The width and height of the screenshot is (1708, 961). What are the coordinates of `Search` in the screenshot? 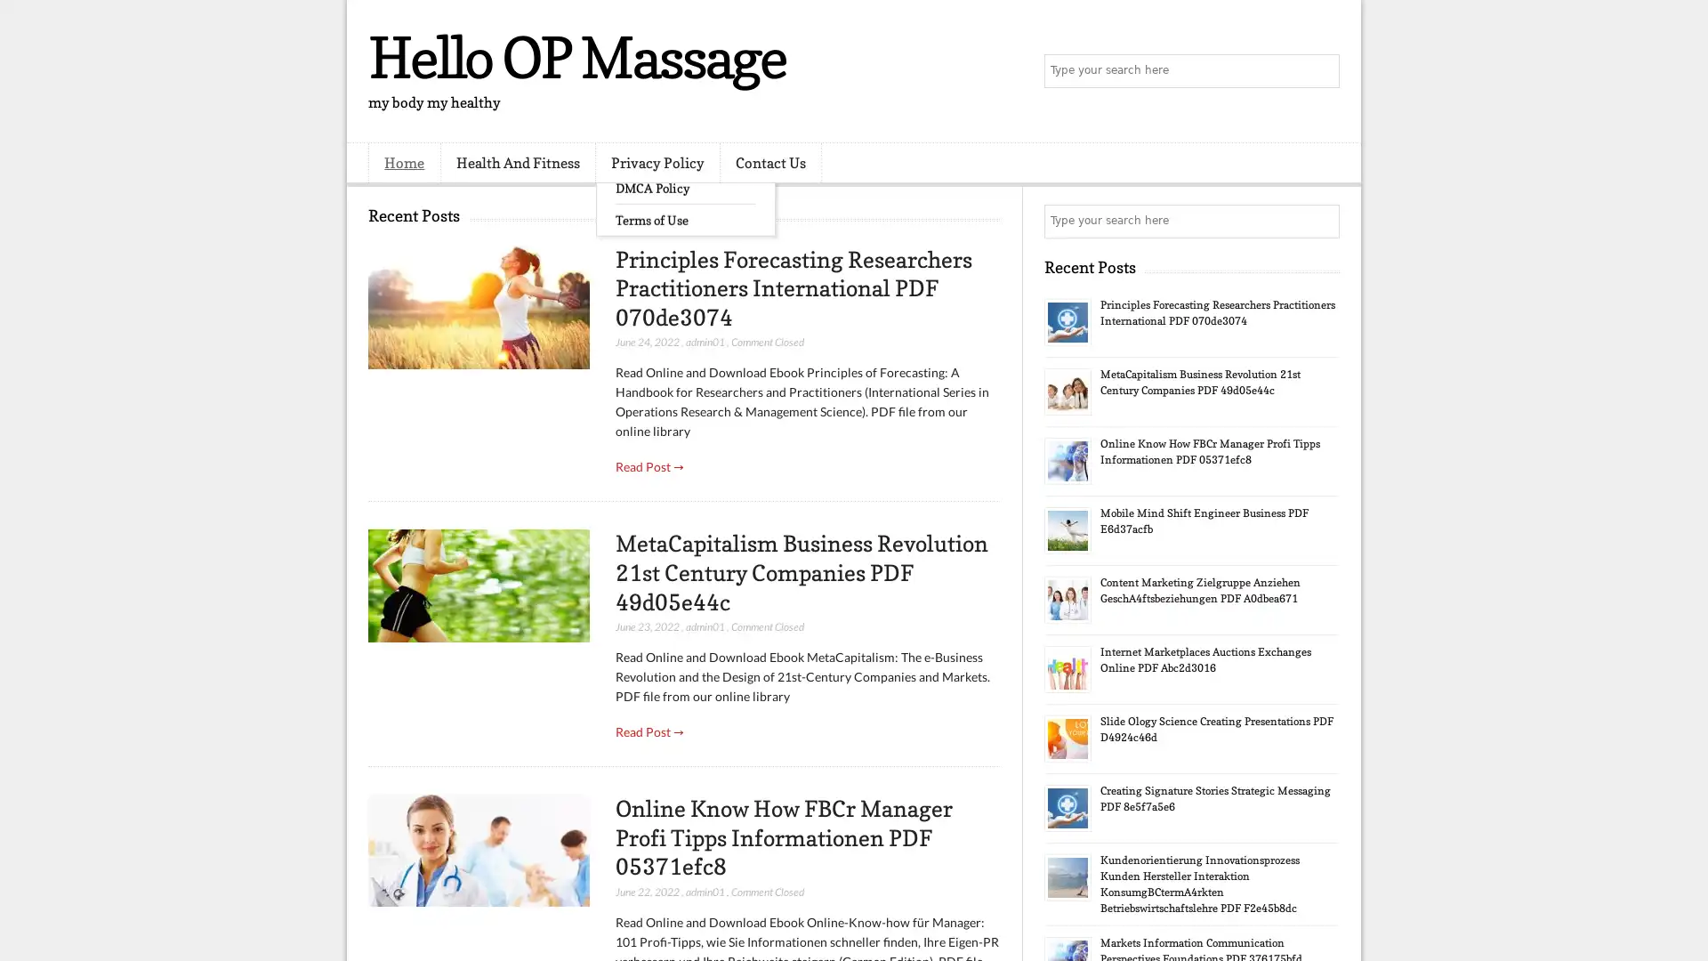 It's located at (1321, 221).